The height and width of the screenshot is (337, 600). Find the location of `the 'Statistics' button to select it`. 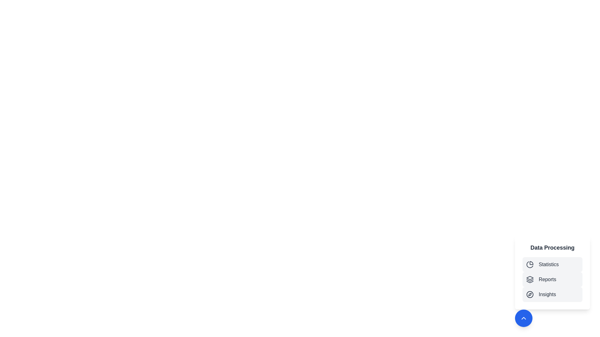

the 'Statistics' button to select it is located at coordinates (552, 265).